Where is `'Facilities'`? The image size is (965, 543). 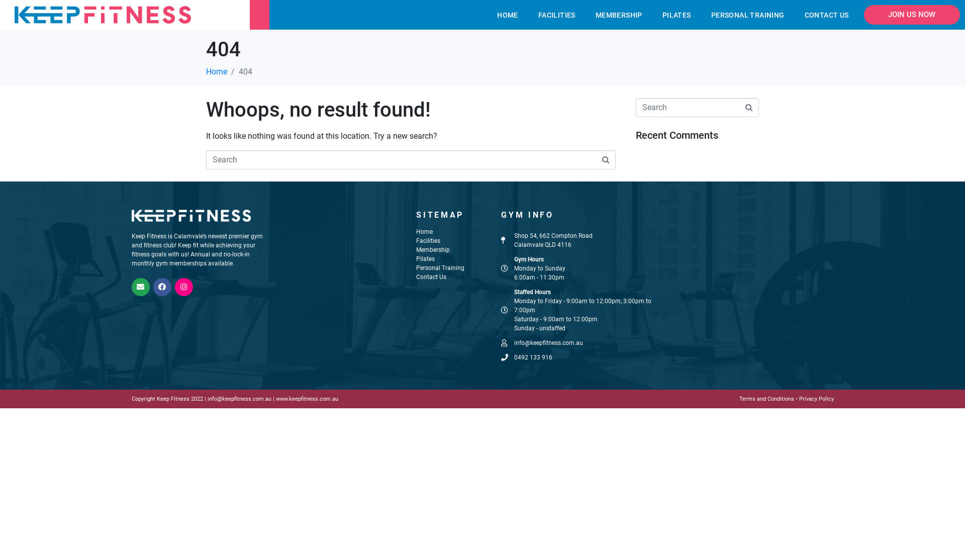
'Facilities' is located at coordinates (428, 240).